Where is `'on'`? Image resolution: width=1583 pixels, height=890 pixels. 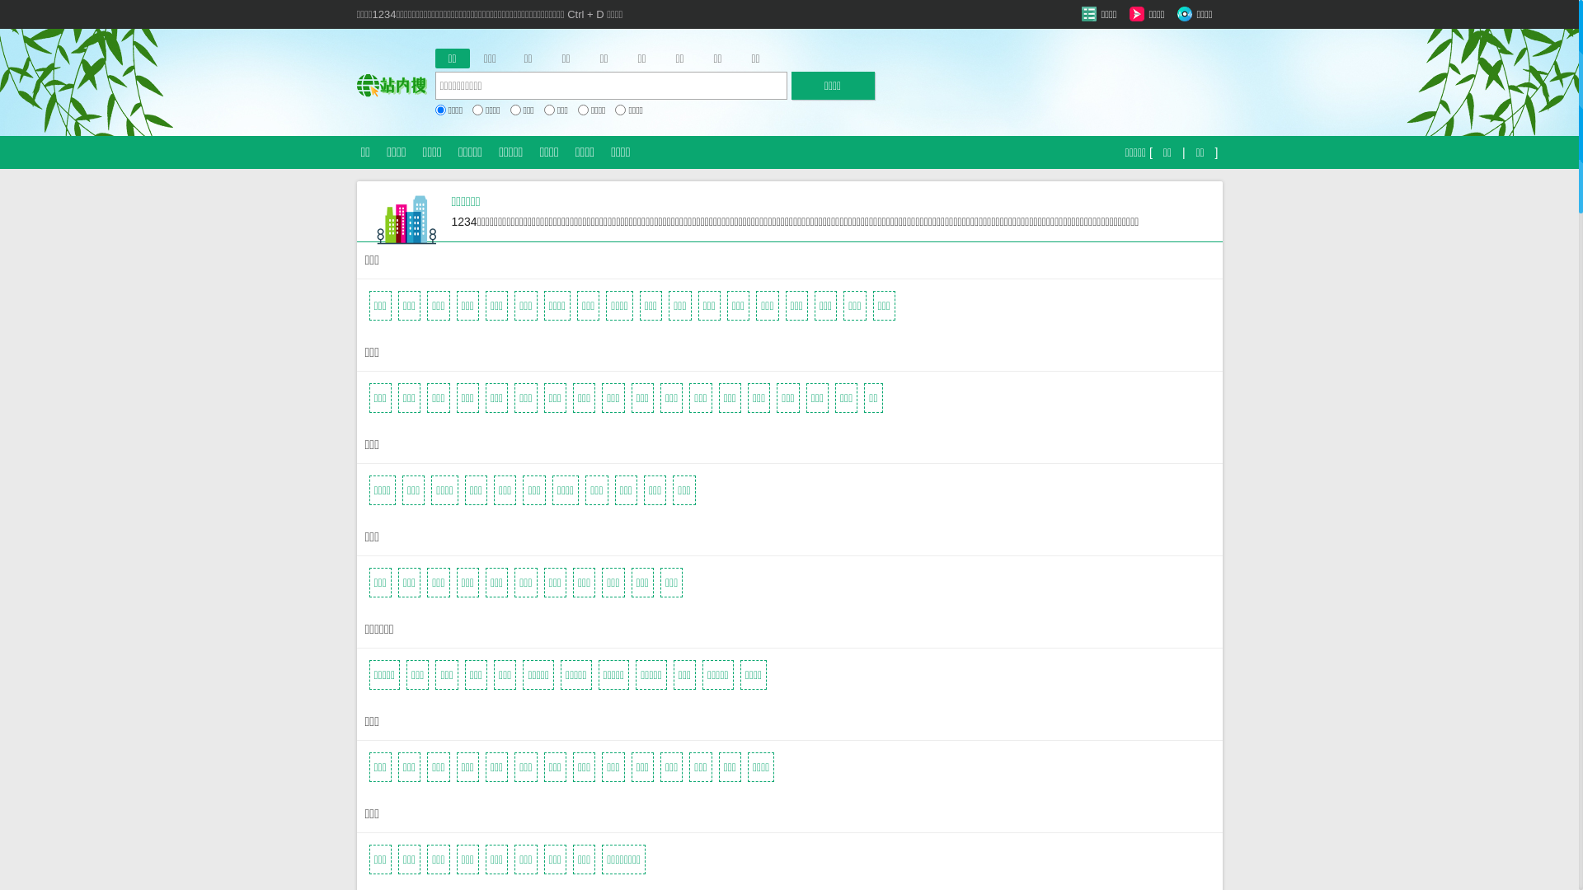 'on' is located at coordinates (583, 110).